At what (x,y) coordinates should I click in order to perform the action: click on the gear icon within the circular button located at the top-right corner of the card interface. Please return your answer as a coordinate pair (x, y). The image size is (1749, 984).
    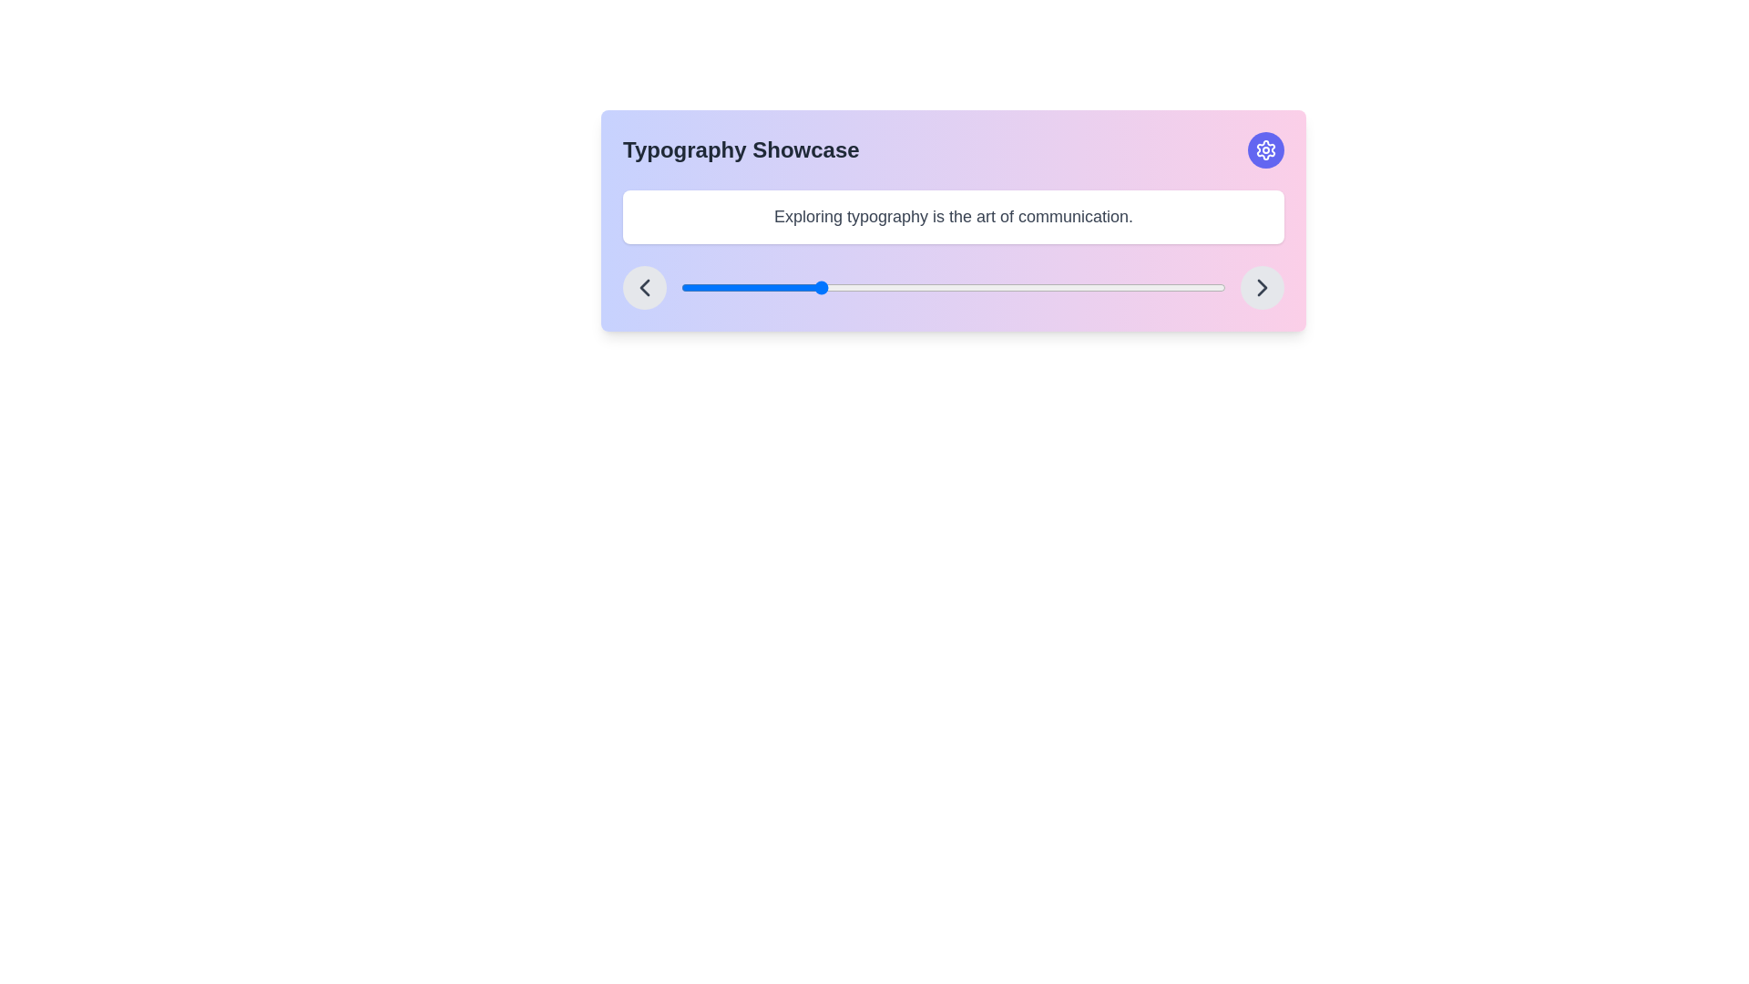
    Looking at the image, I should click on (1265, 149).